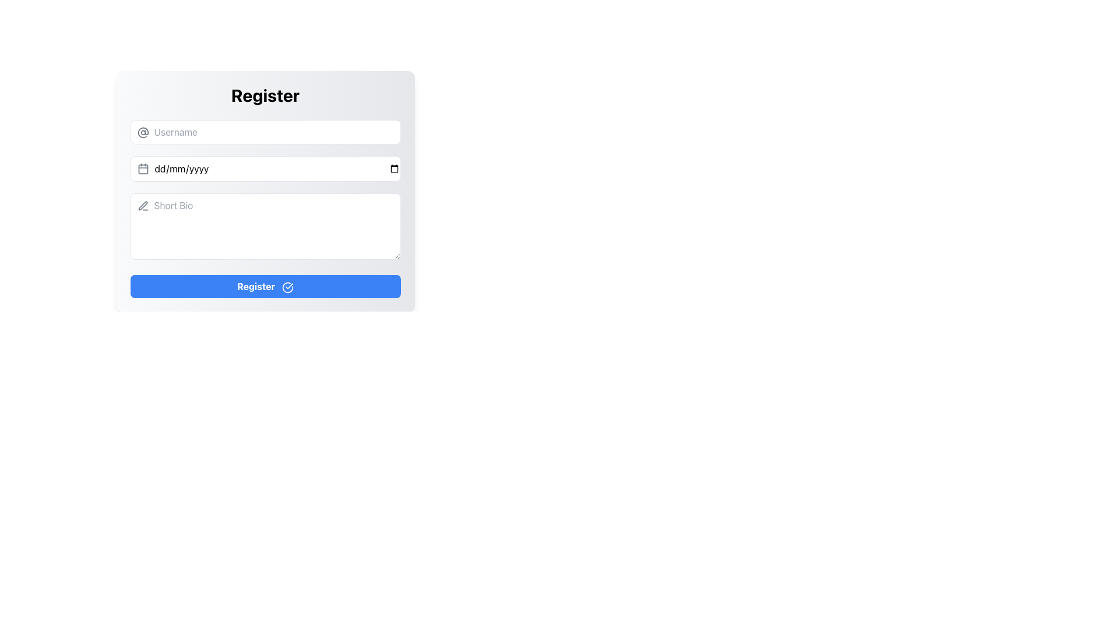 The height and width of the screenshot is (629, 1119). Describe the element at coordinates (142, 168) in the screenshot. I see `the decorative calendar icon located at the top-left corner of the date input field, which is aligned with the placeholder text 'dd/mm/yyyy'` at that location.